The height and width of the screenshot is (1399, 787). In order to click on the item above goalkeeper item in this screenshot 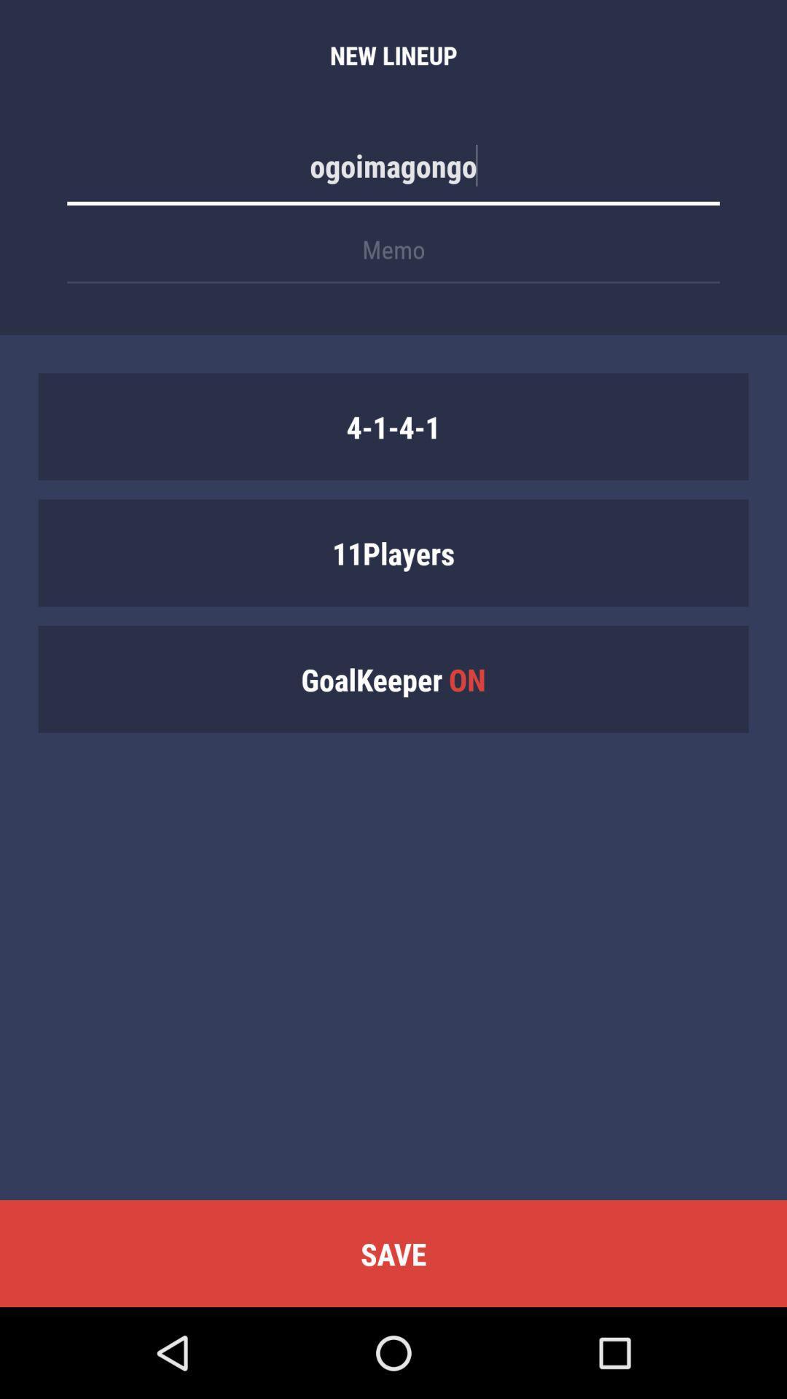, I will do `click(393, 552)`.